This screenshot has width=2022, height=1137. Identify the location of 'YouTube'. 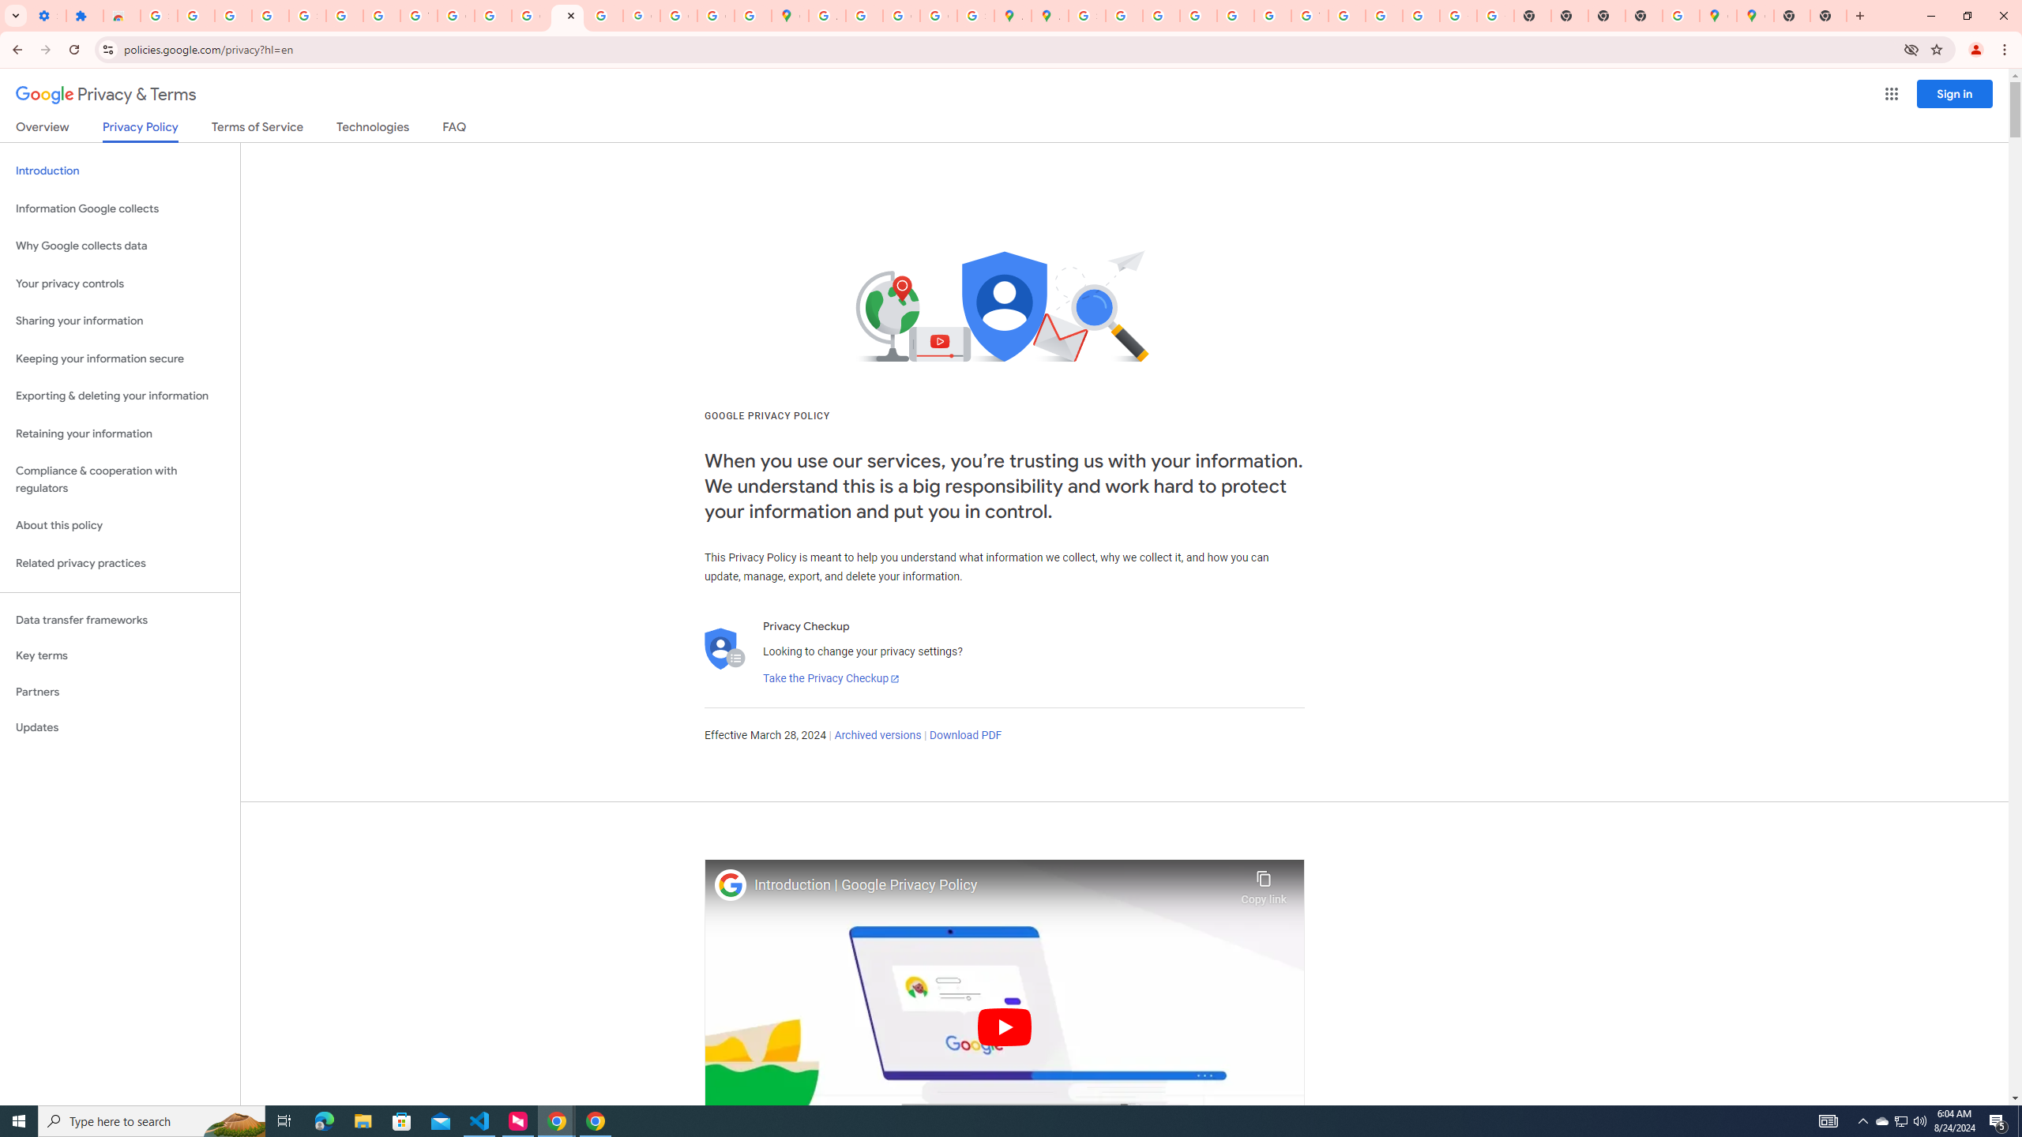
(419, 15).